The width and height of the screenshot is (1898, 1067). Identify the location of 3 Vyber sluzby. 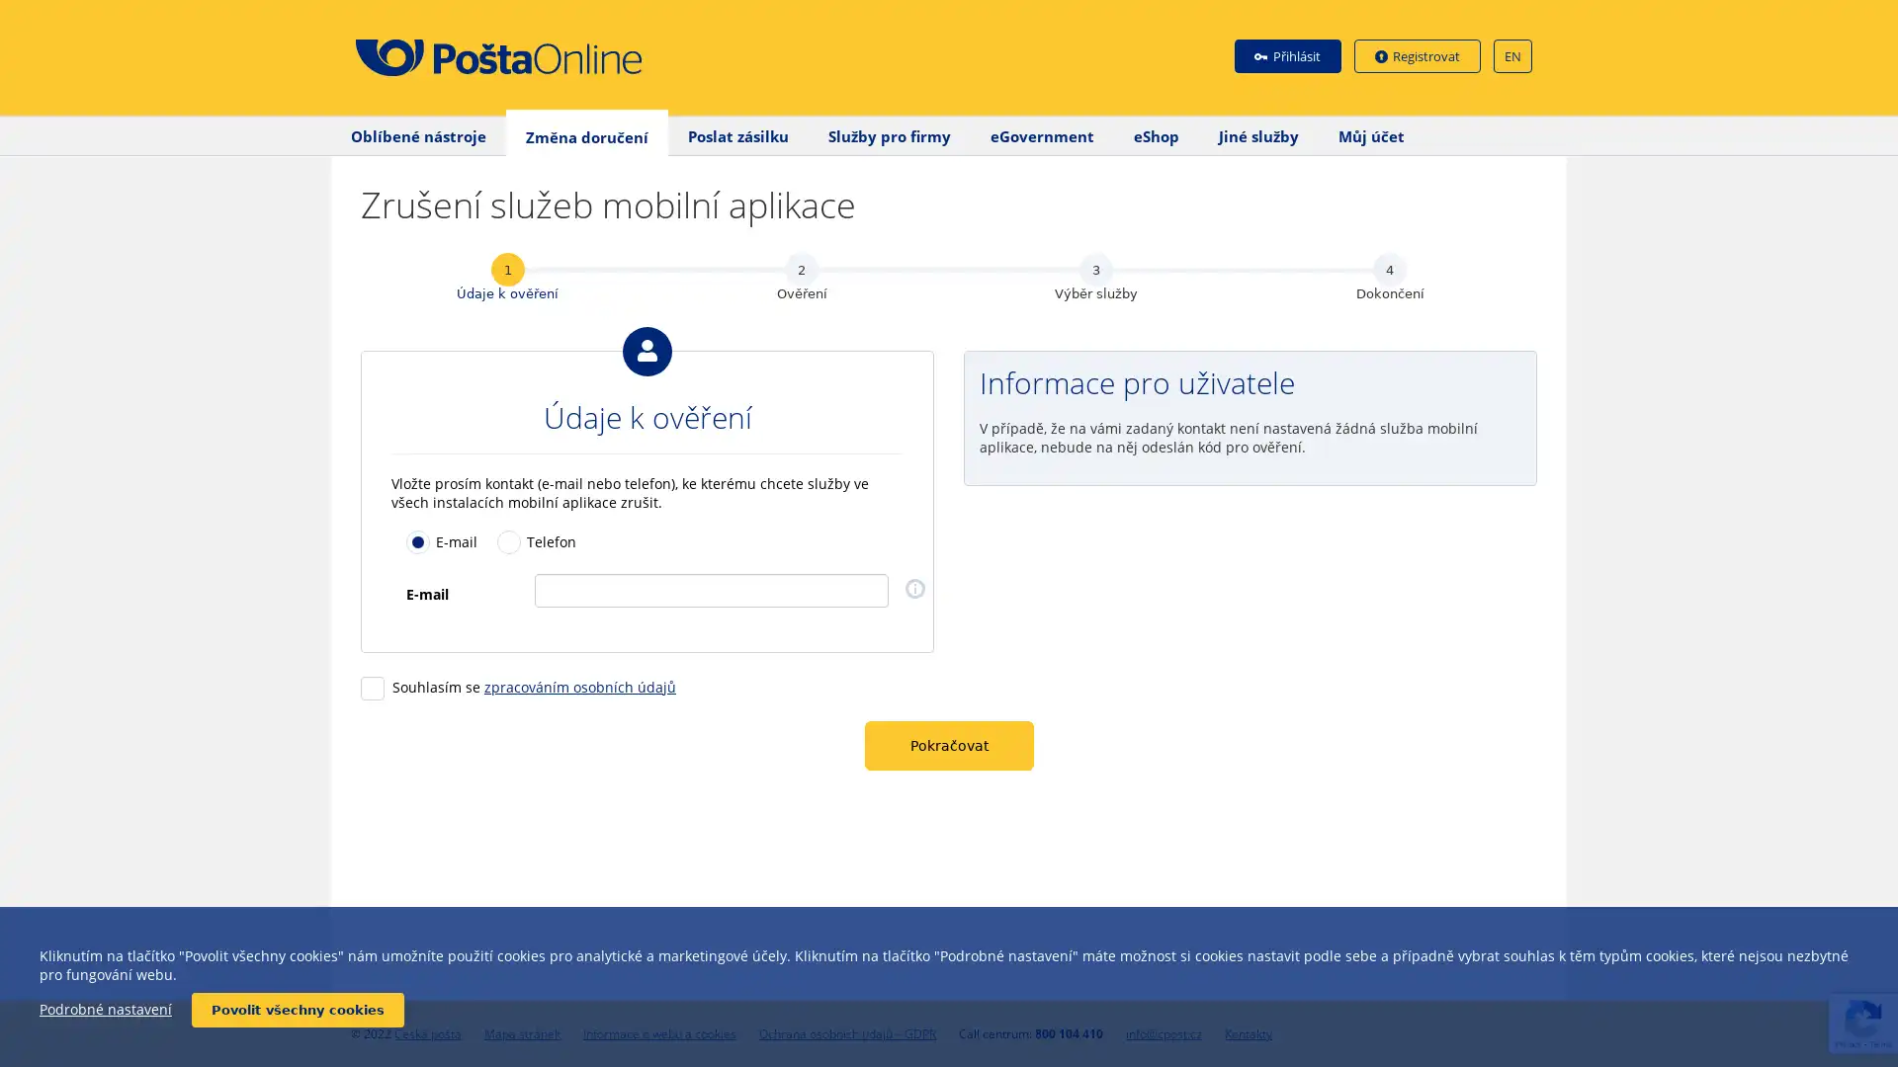
(1094, 276).